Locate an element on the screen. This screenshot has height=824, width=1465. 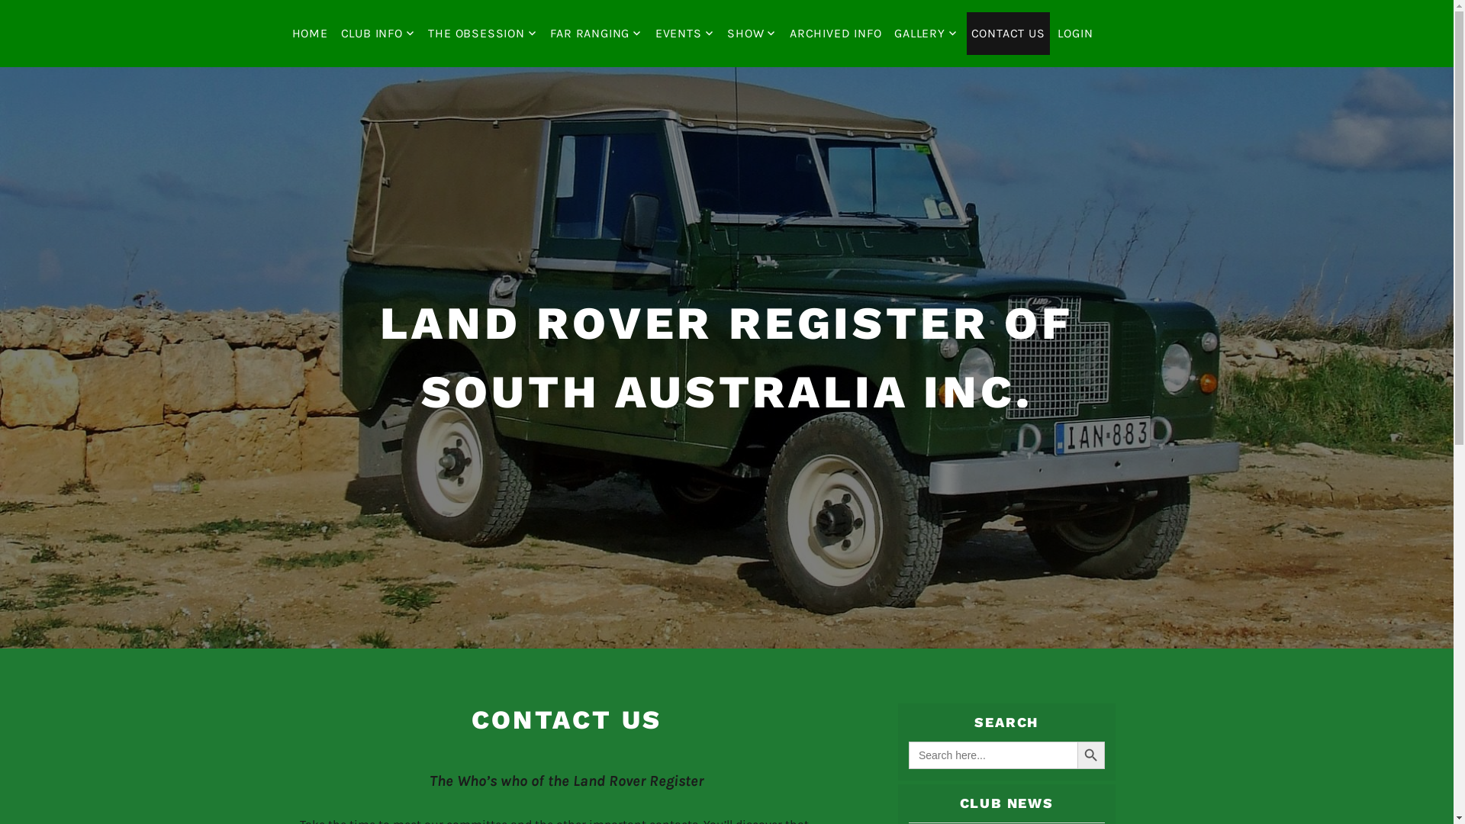
'ARCHIVED INFO' is located at coordinates (834, 33).